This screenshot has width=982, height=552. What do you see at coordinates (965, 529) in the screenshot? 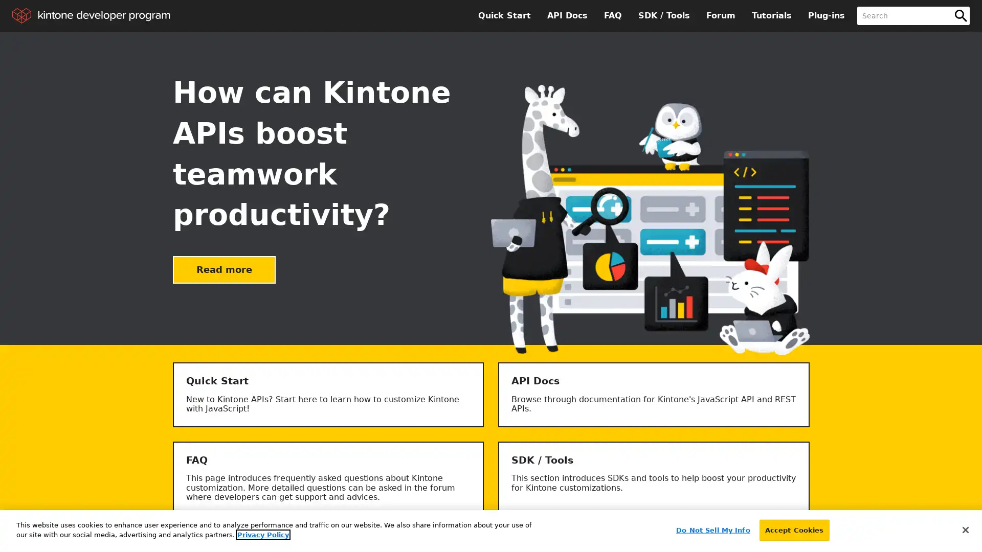
I see `Close` at bounding box center [965, 529].